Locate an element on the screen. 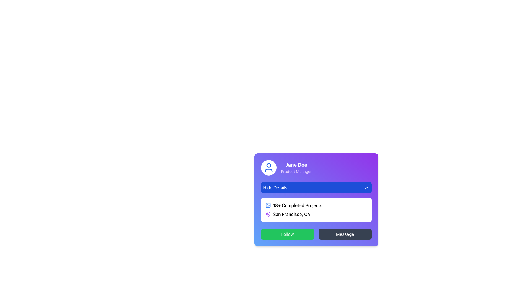 This screenshot has width=531, height=299. the profile header displaying 'Jane Doe' and 'Product Manager' is located at coordinates (316, 167).